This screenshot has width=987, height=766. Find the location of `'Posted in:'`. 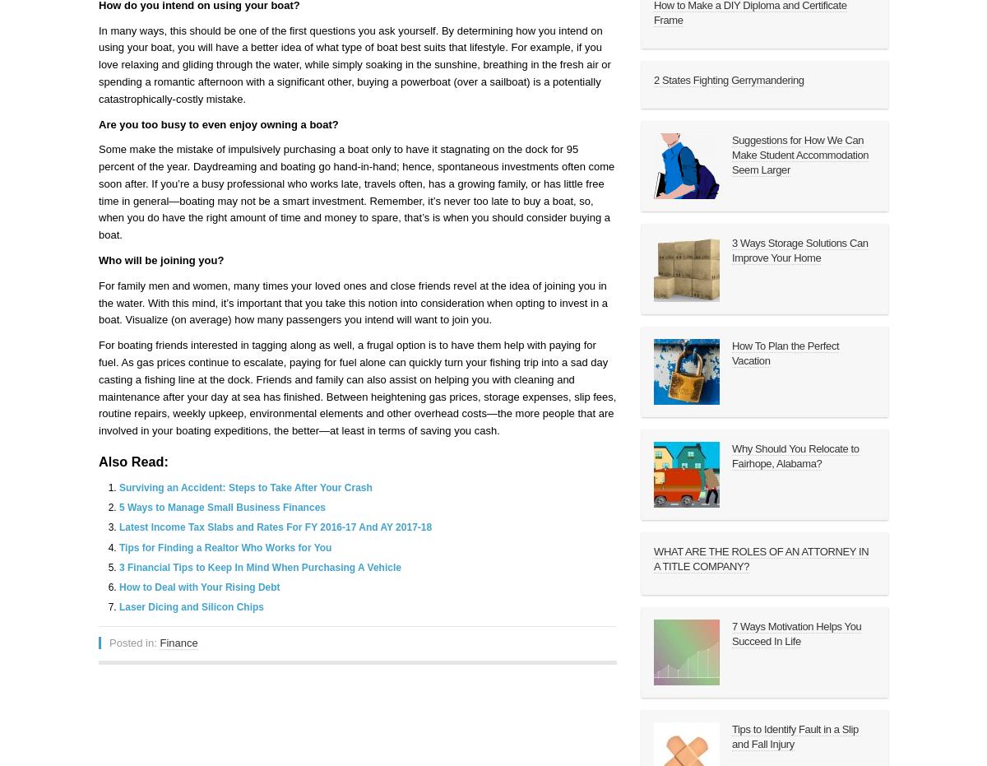

'Posted in:' is located at coordinates (109, 643).